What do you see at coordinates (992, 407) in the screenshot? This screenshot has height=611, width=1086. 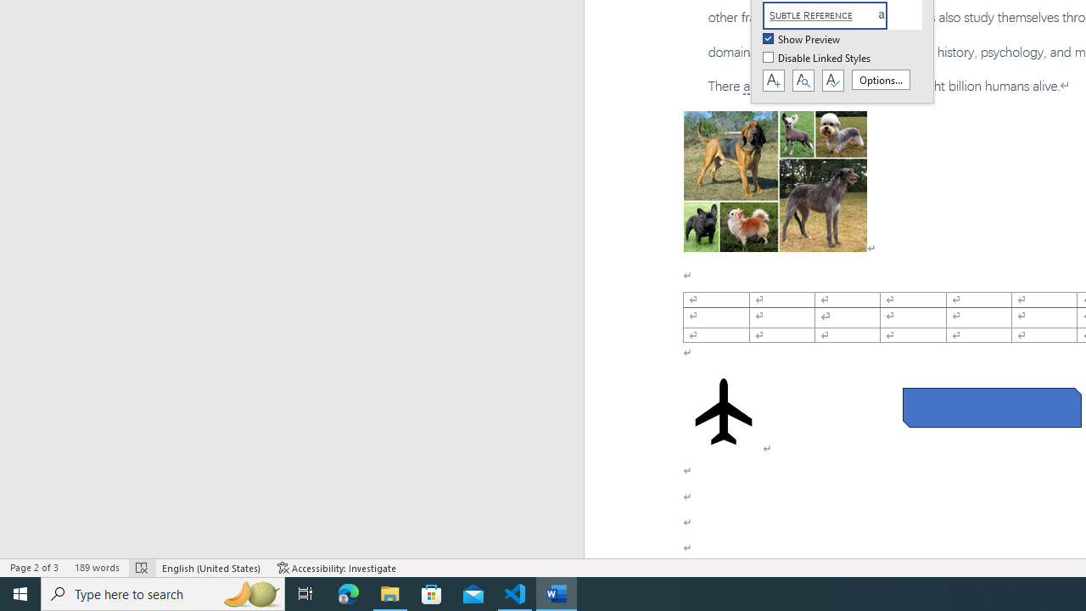 I see `'Rectangle: Diagonal Corners Snipped 2'` at bounding box center [992, 407].